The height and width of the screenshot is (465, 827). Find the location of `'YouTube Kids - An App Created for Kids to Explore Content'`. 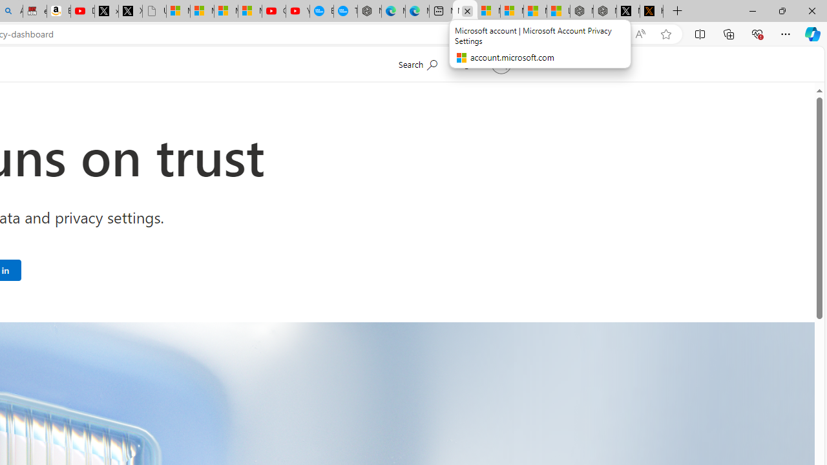

'YouTube Kids - An App Created for Kids to Explore Content' is located at coordinates (297, 11).